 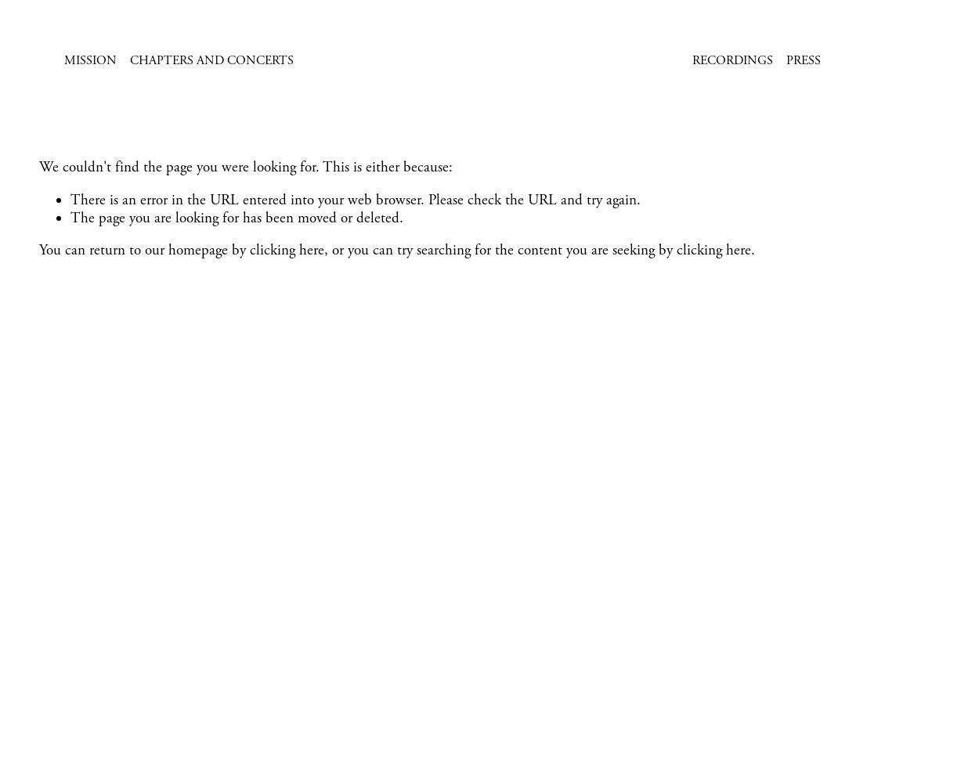 I want to click on 'You can return to our homepage by', so click(x=144, y=250).